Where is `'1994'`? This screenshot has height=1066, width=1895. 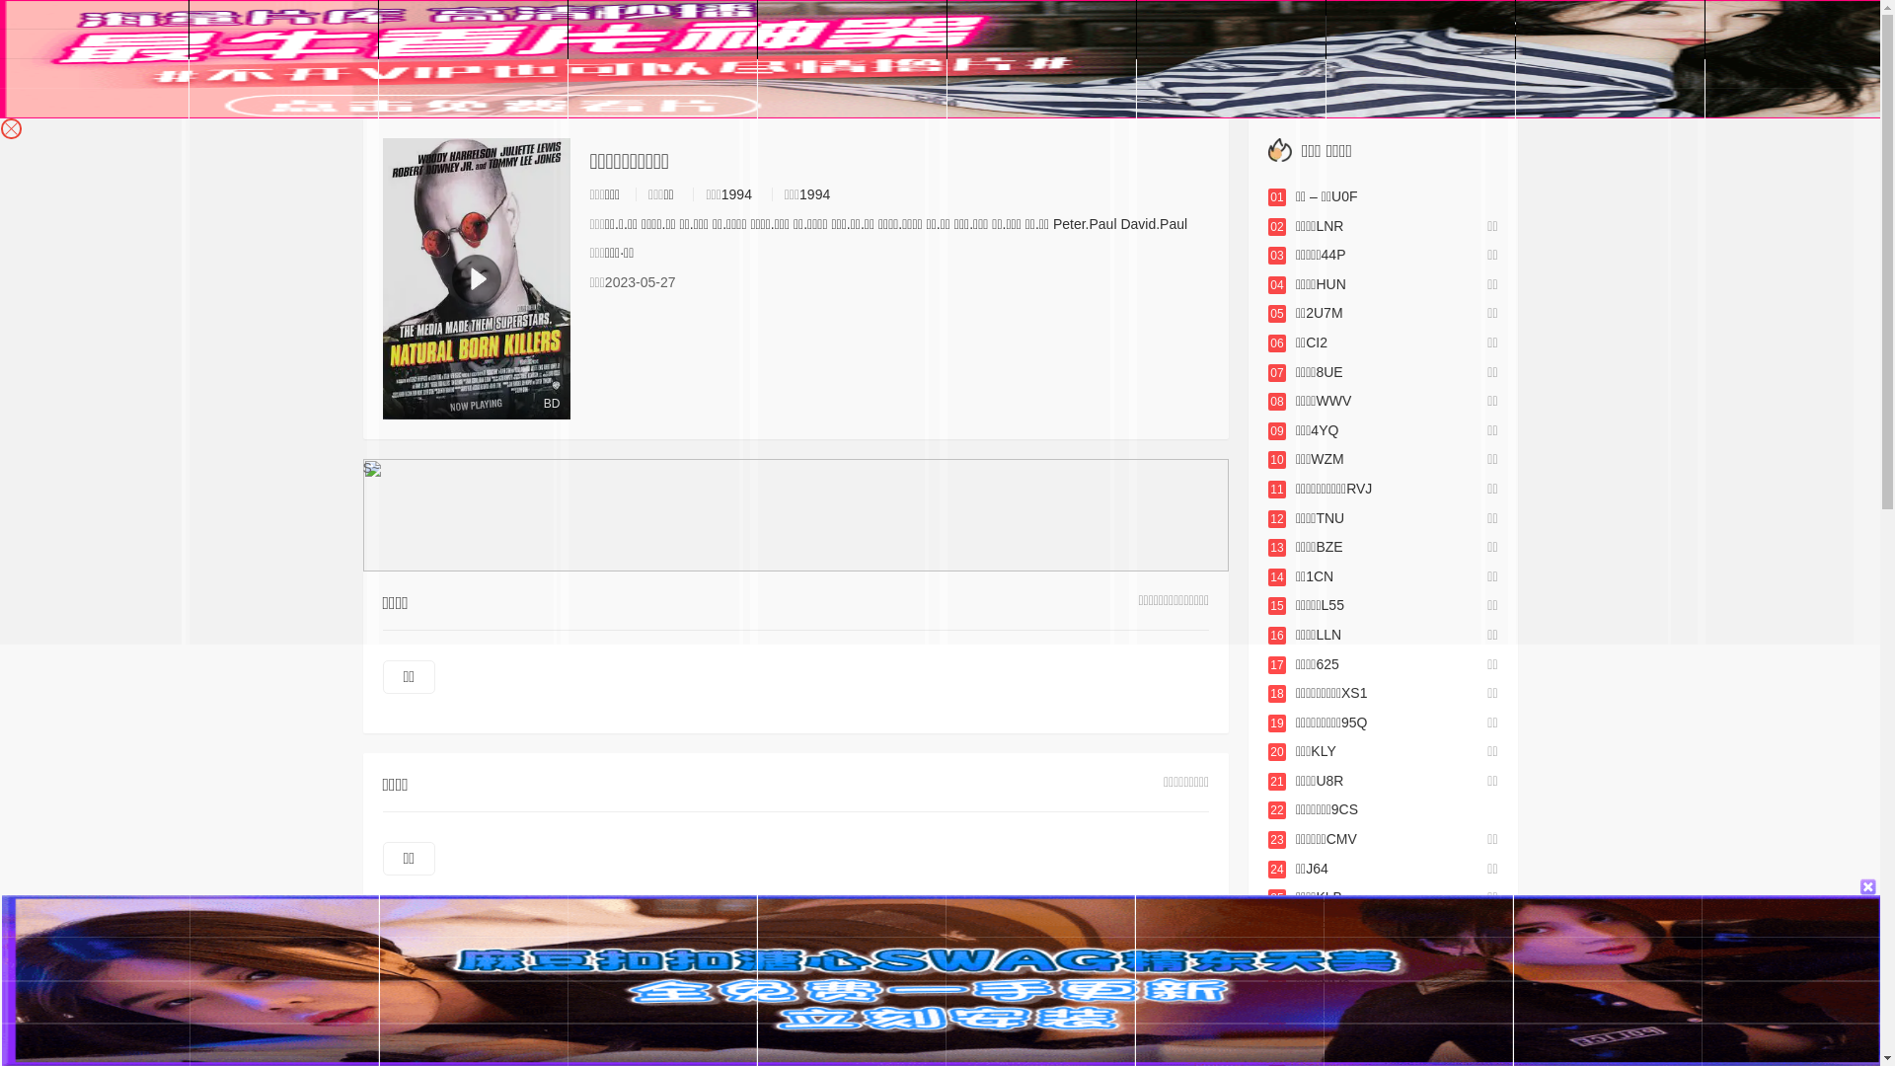 '1994' is located at coordinates (814, 193).